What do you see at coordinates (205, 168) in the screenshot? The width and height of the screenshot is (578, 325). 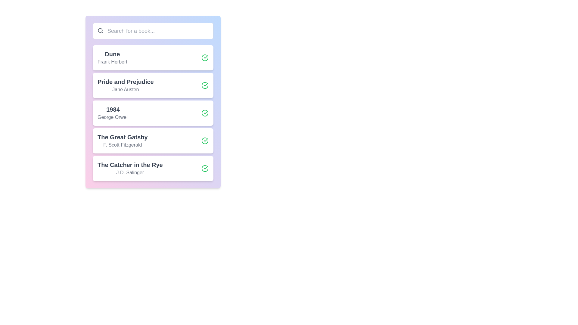 I see `the circular checkmark icon styled in green, indicating a completed status, located to the right of the fifth list item representing 'The Catcher in the Rye'` at bounding box center [205, 168].